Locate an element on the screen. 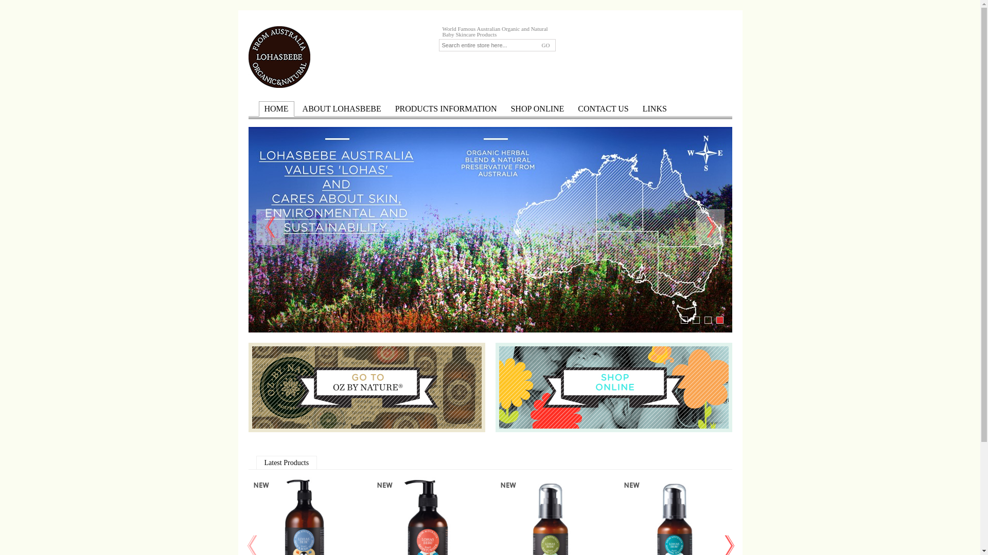 The height and width of the screenshot is (555, 988). 'PRODUCTS INFORMATION' is located at coordinates (446, 108).